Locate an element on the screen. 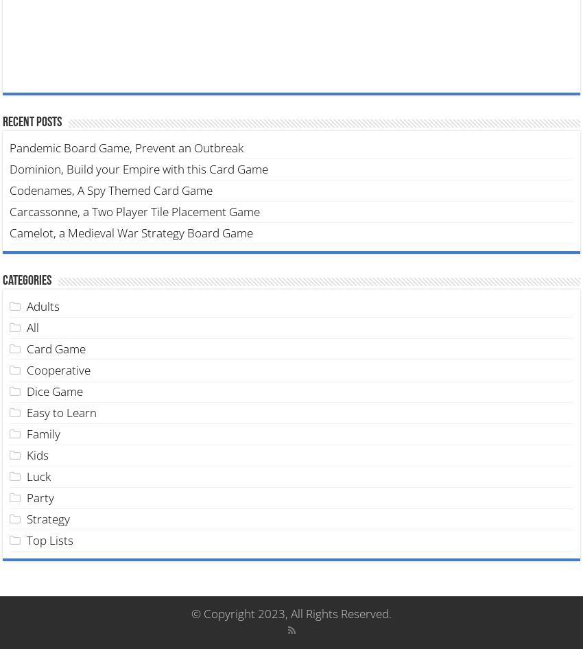  'Carcassonne, a Two Player Tile Placement Game' is located at coordinates (134, 210).